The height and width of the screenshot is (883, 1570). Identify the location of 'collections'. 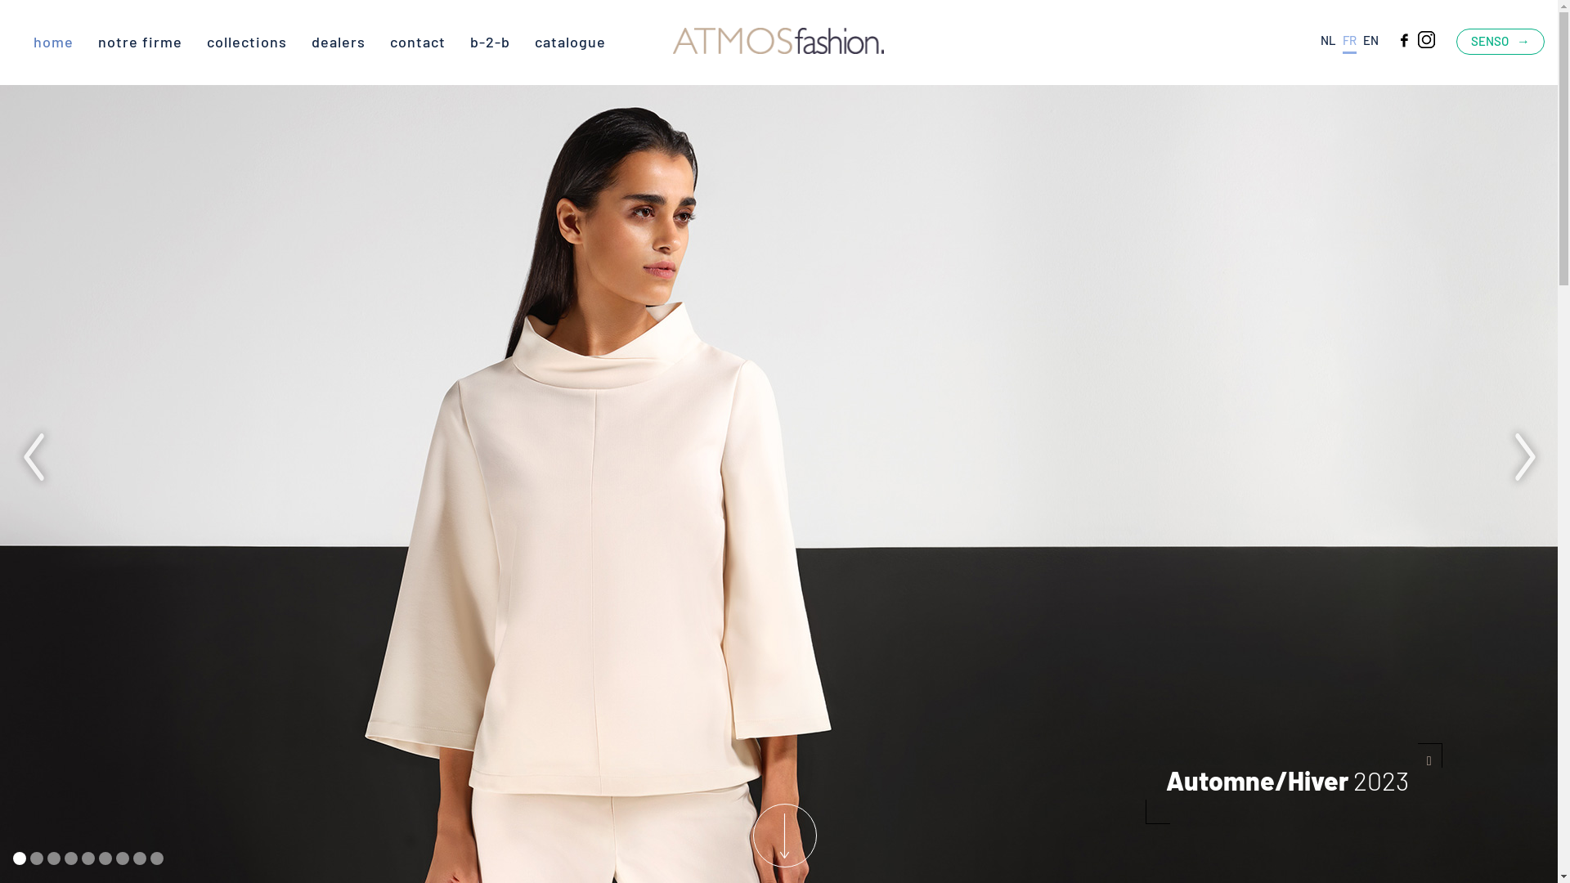
(246, 40).